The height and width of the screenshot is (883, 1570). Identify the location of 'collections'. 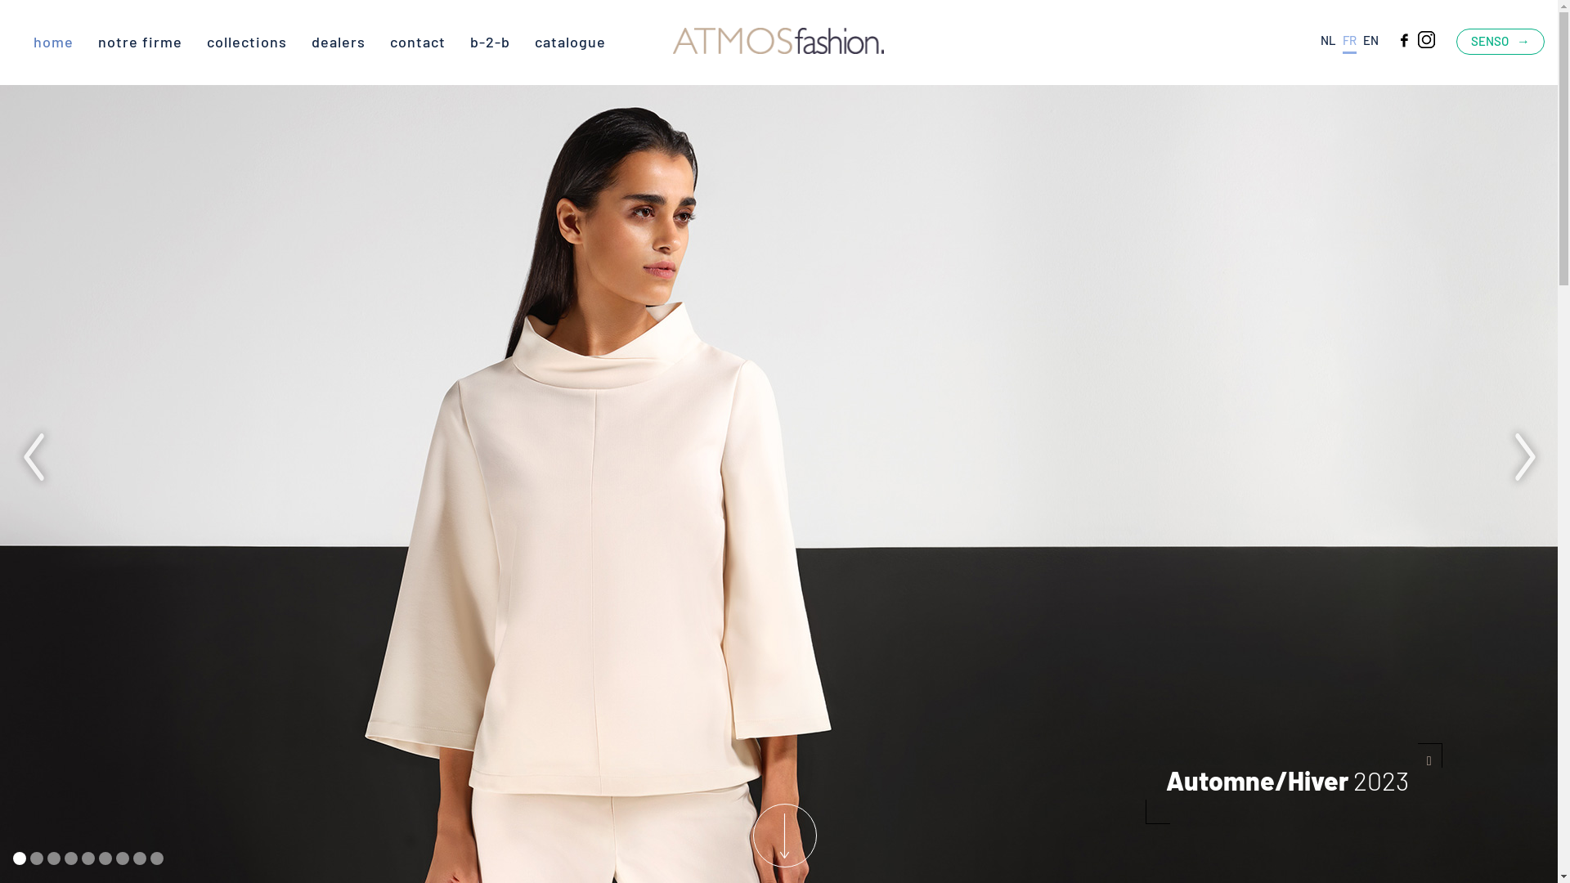
(246, 40).